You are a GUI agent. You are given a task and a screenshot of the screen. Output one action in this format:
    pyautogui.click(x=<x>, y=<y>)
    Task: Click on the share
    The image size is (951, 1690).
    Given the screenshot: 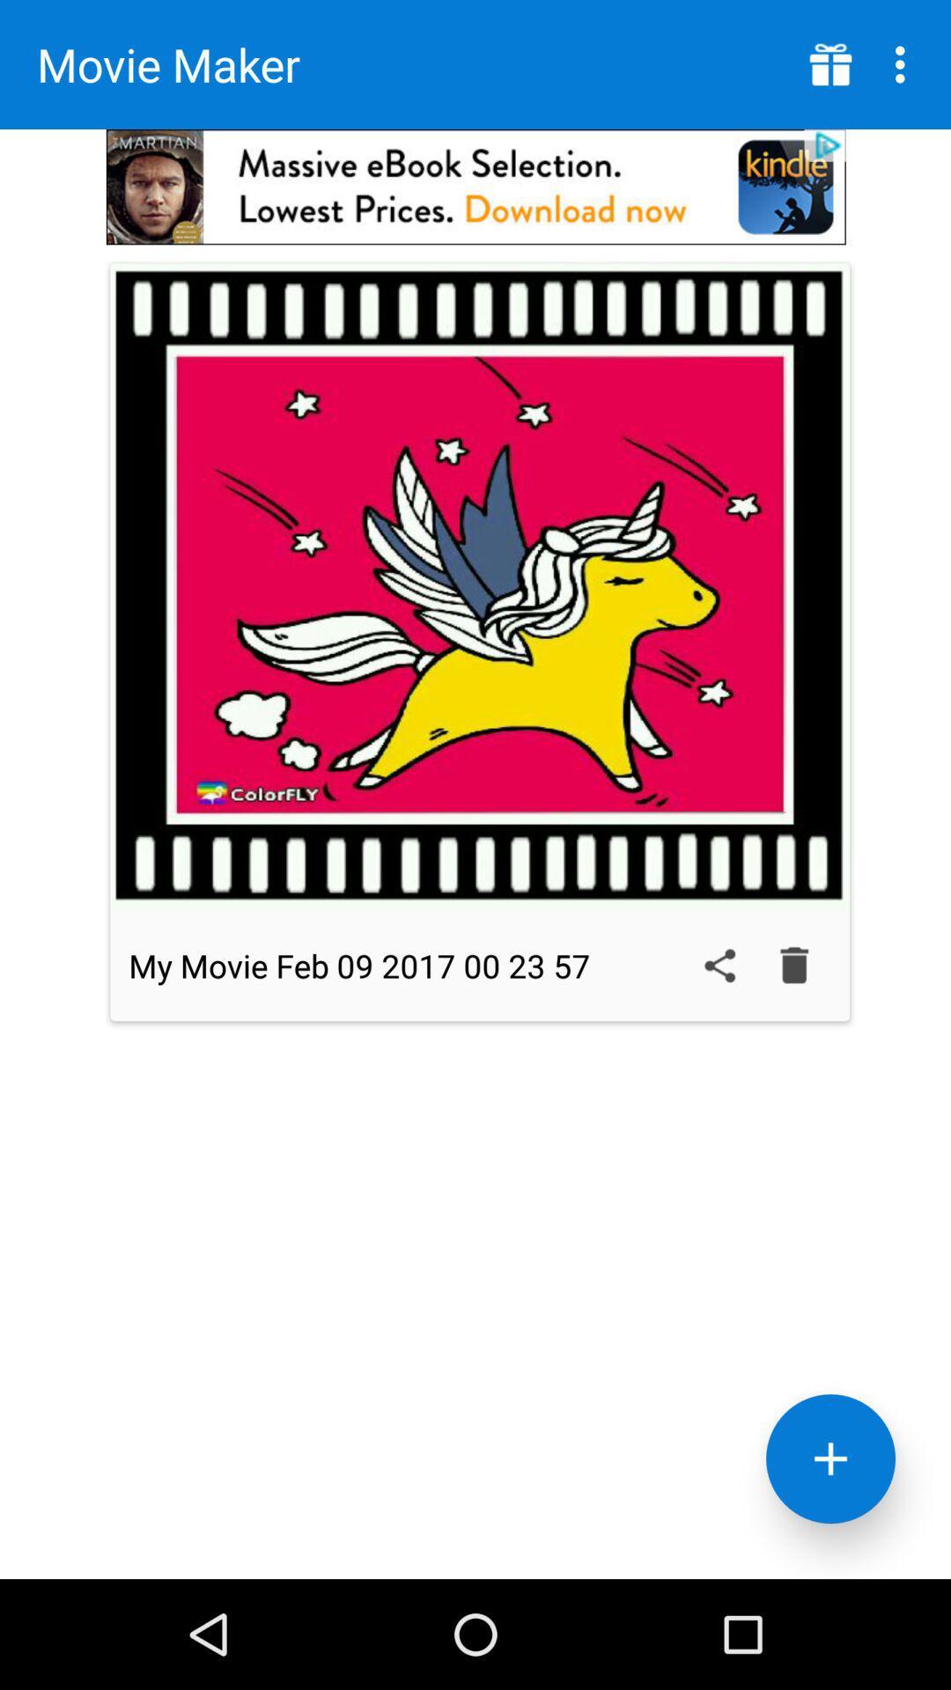 What is the action you would take?
    pyautogui.click(x=720, y=965)
    